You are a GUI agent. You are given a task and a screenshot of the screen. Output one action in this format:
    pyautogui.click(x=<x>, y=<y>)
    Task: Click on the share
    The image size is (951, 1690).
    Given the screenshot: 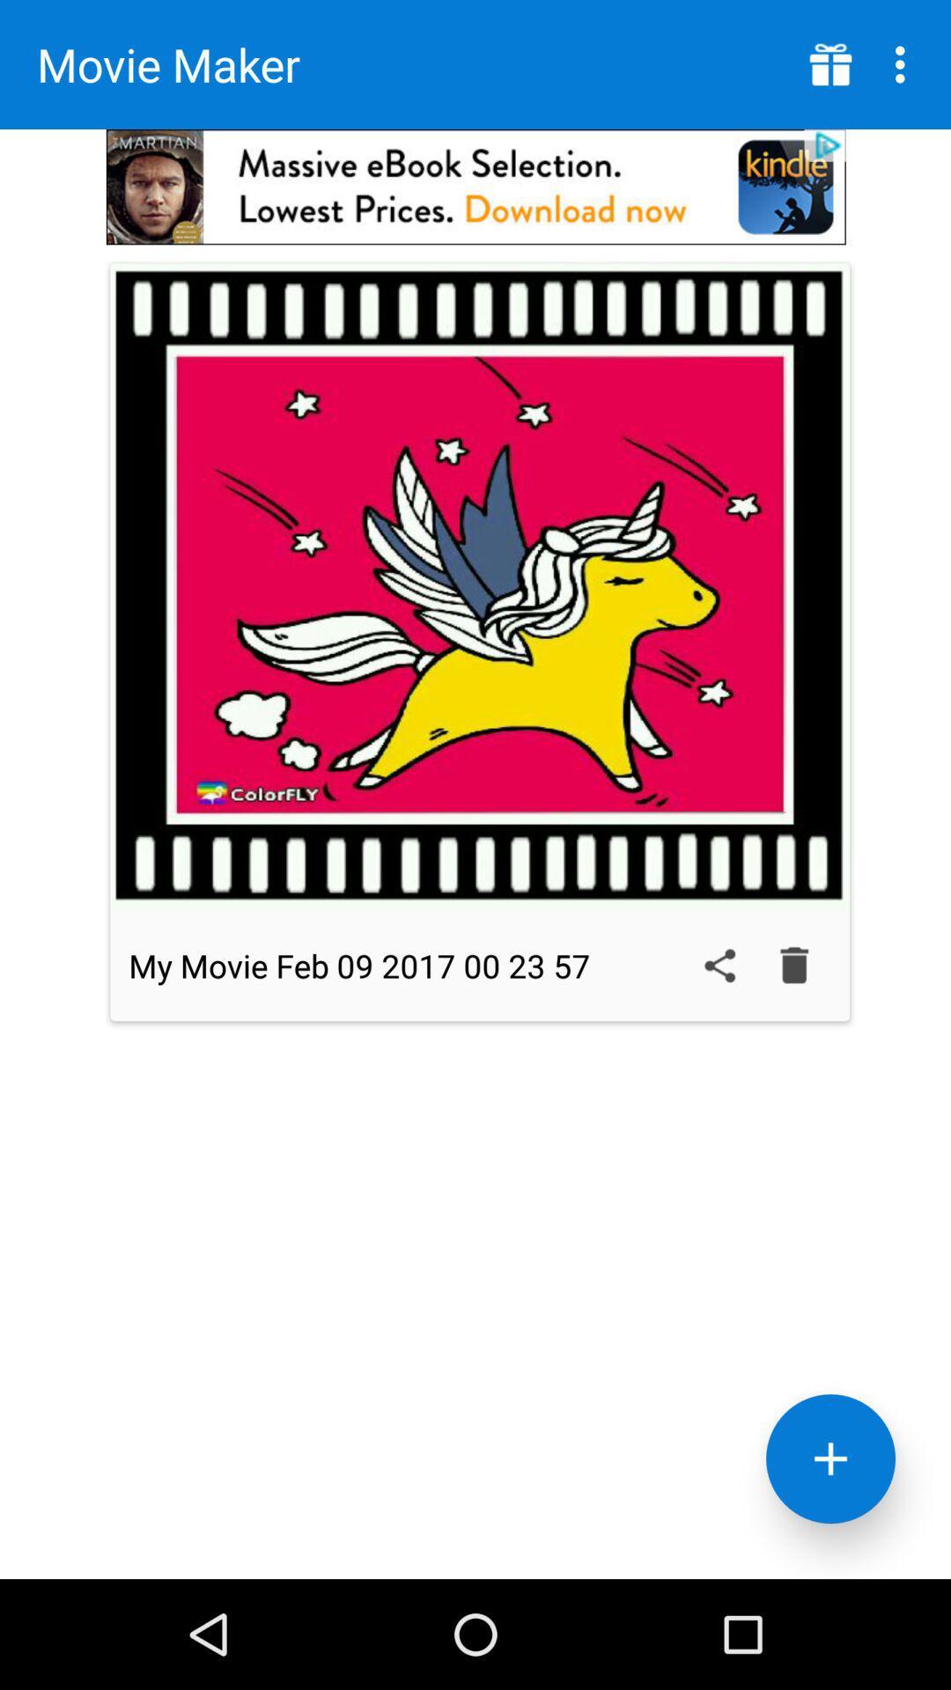 What is the action you would take?
    pyautogui.click(x=720, y=965)
    